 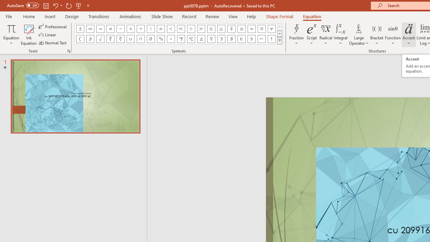 What do you see at coordinates (251, 29) in the screenshot?
I see `'Equation Symbol Almost Equal To (Asymptotic To)'` at bounding box center [251, 29].